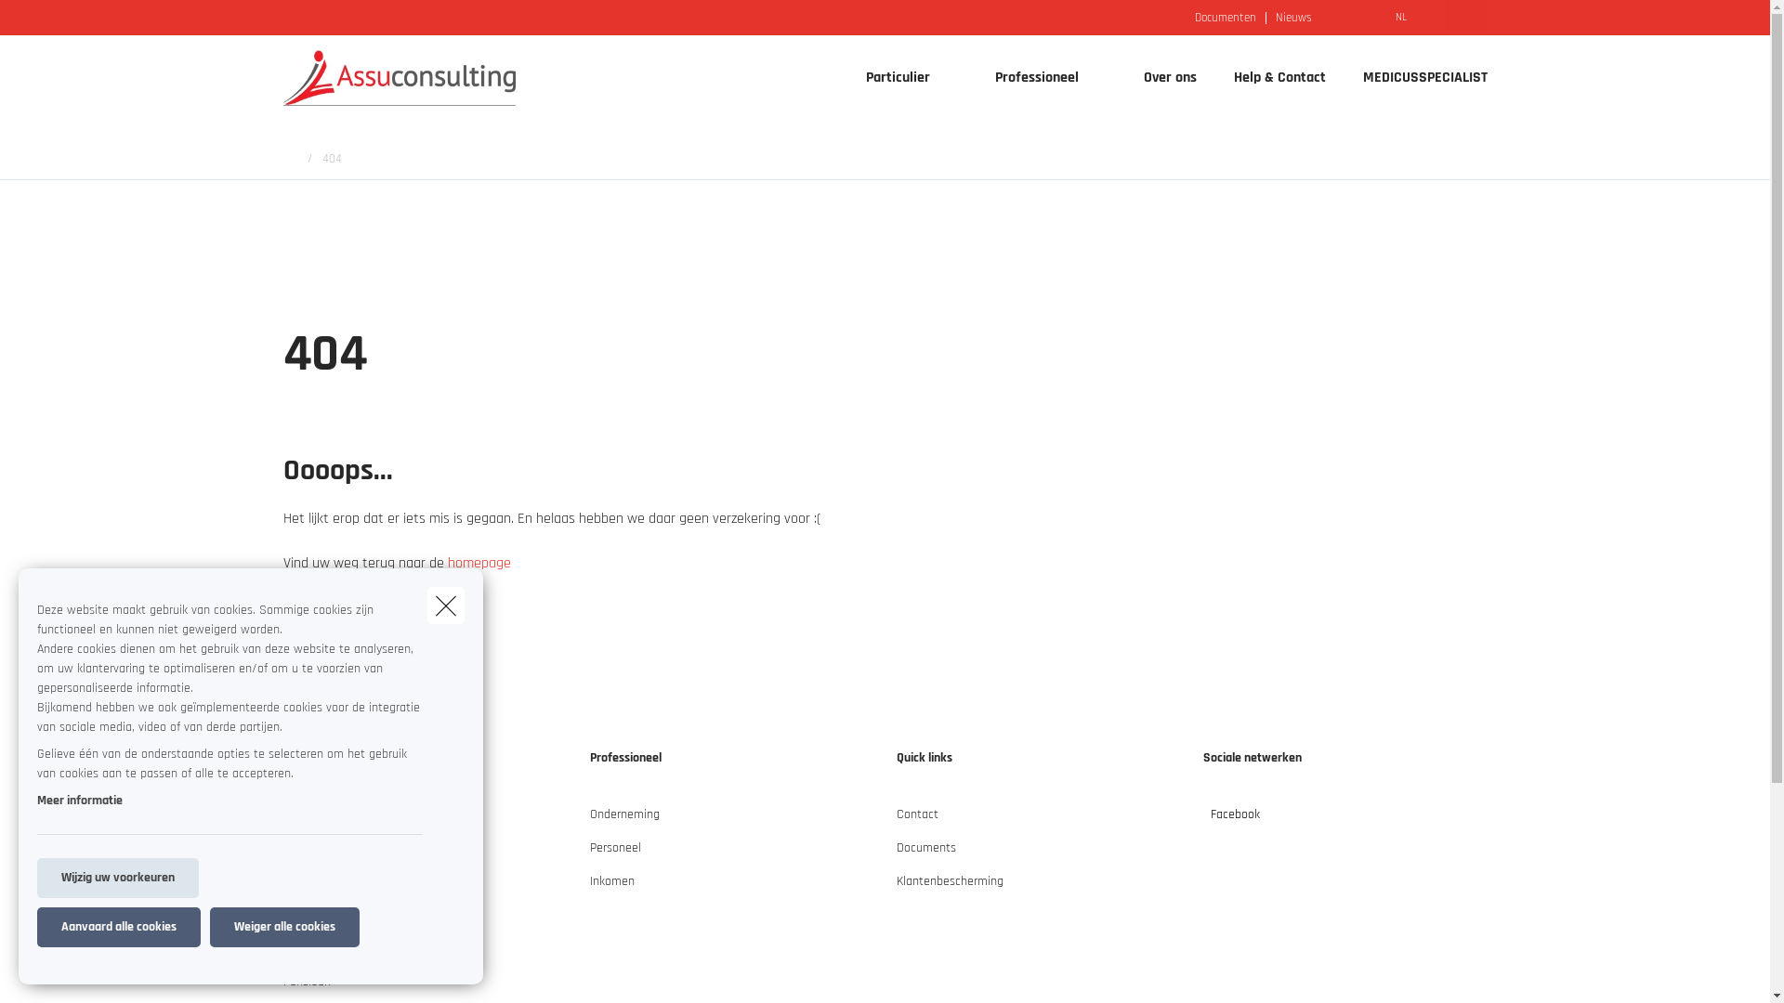 This screenshot has width=1784, height=1003. Describe the element at coordinates (896, 820) in the screenshot. I see `'Contact'` at that location.